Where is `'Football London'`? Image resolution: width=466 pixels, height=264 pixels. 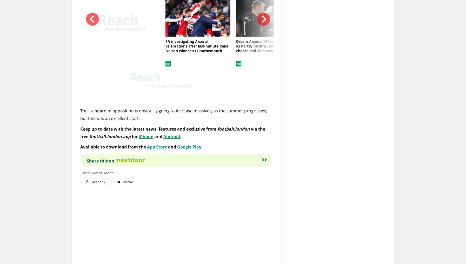 'Football London' is located at coordinates (102, 173).